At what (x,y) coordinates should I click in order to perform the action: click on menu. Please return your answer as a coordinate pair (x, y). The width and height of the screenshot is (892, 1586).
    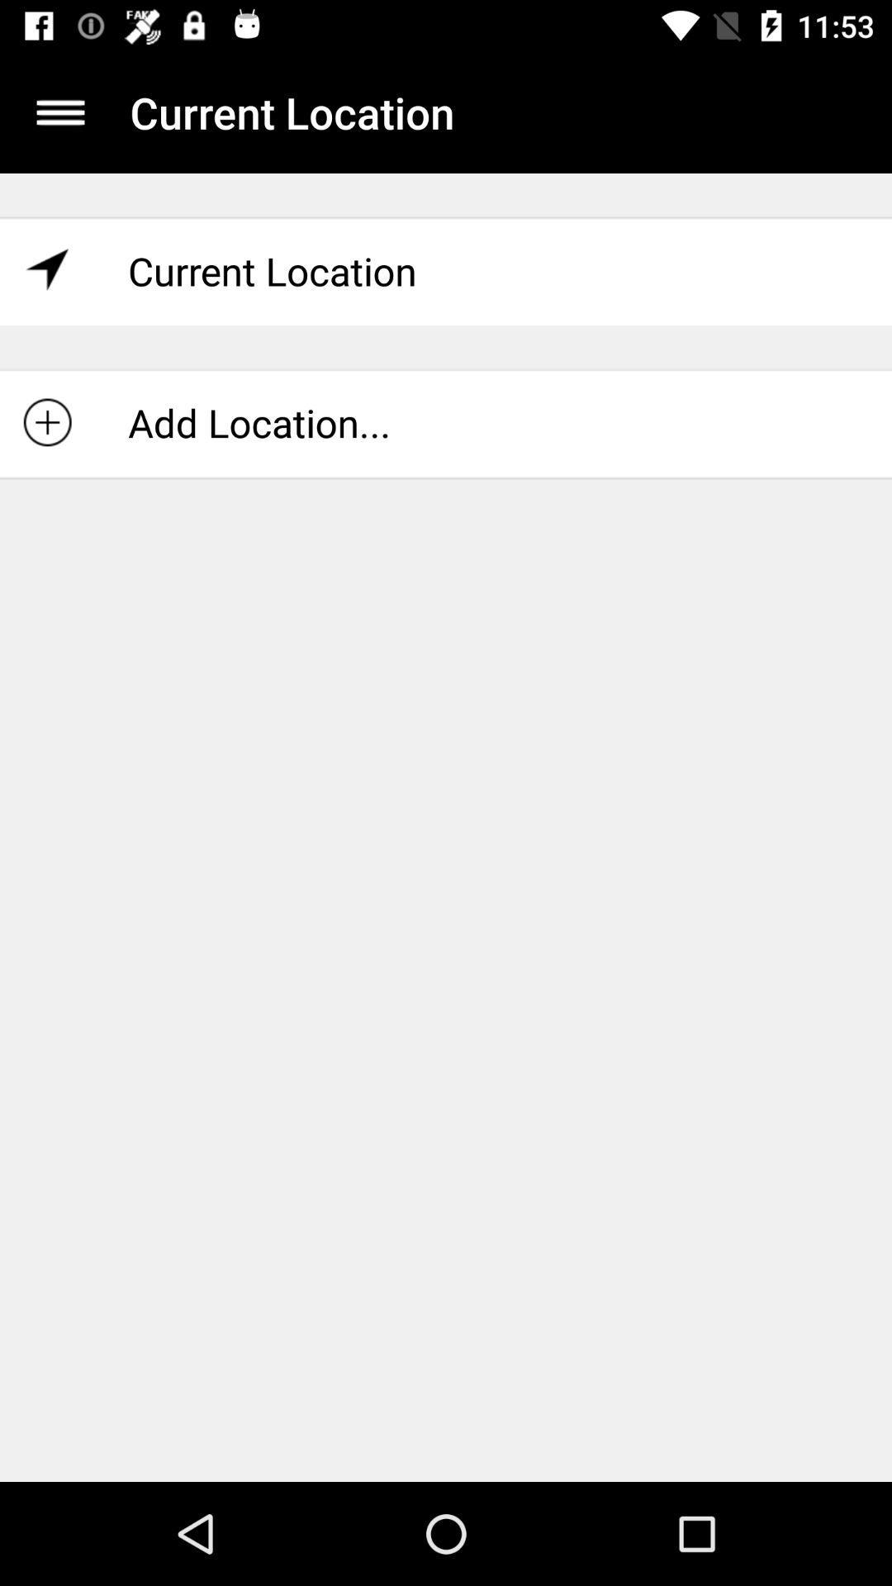
    Looking at the image, I should click on (59, 112).